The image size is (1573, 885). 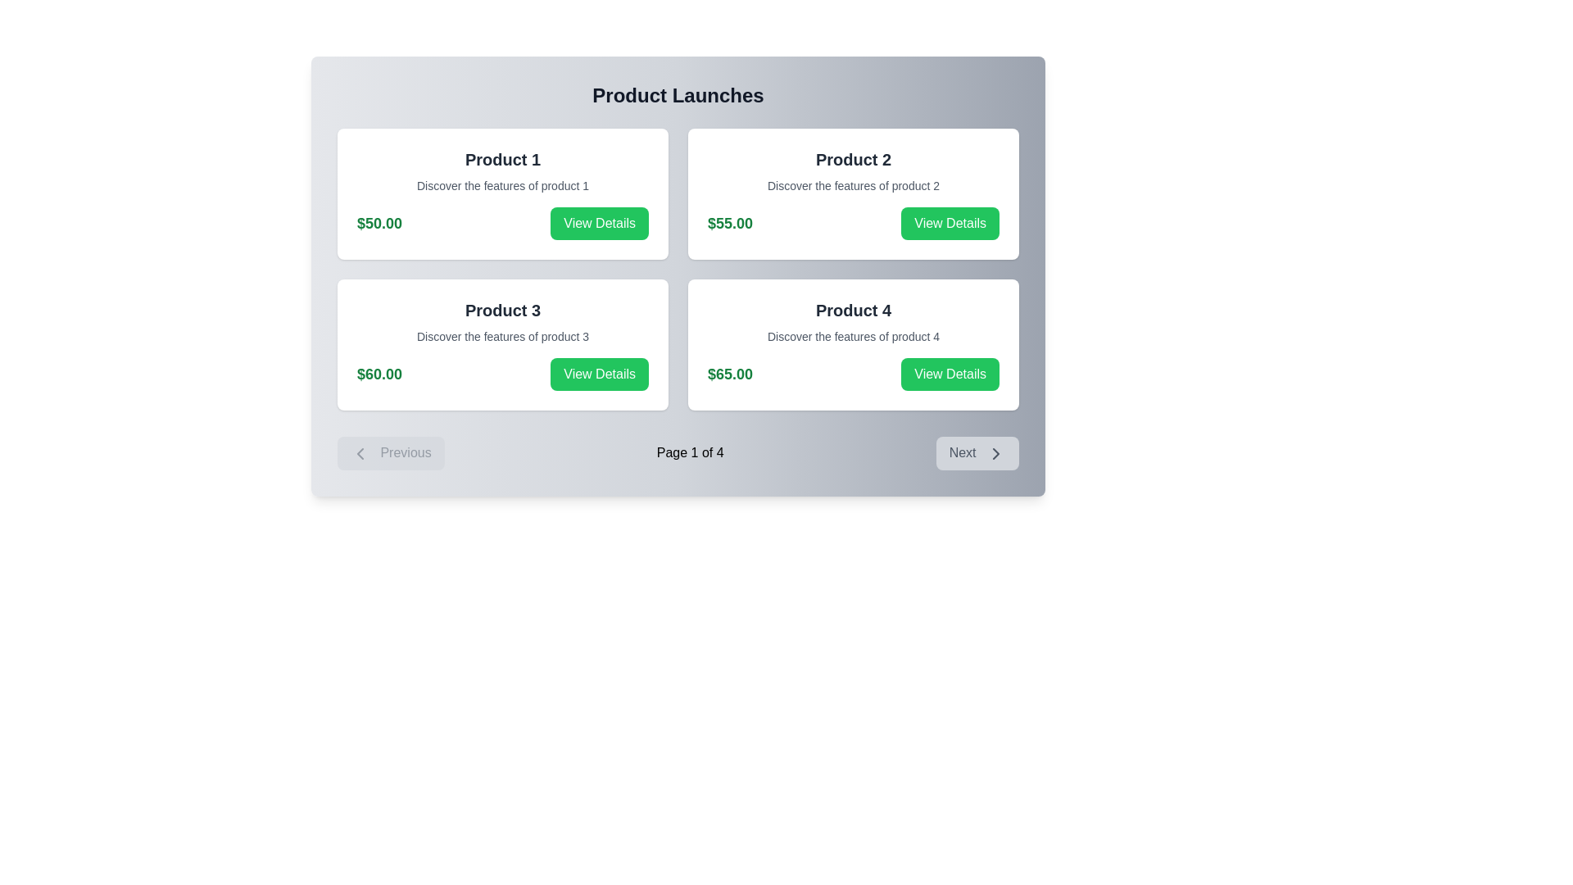 What do you see at coordinates (360, 452) in the screenshot?
I see `the navigation icon located in the bottom-left corner of the application interface` at bounding box center [360, 452].